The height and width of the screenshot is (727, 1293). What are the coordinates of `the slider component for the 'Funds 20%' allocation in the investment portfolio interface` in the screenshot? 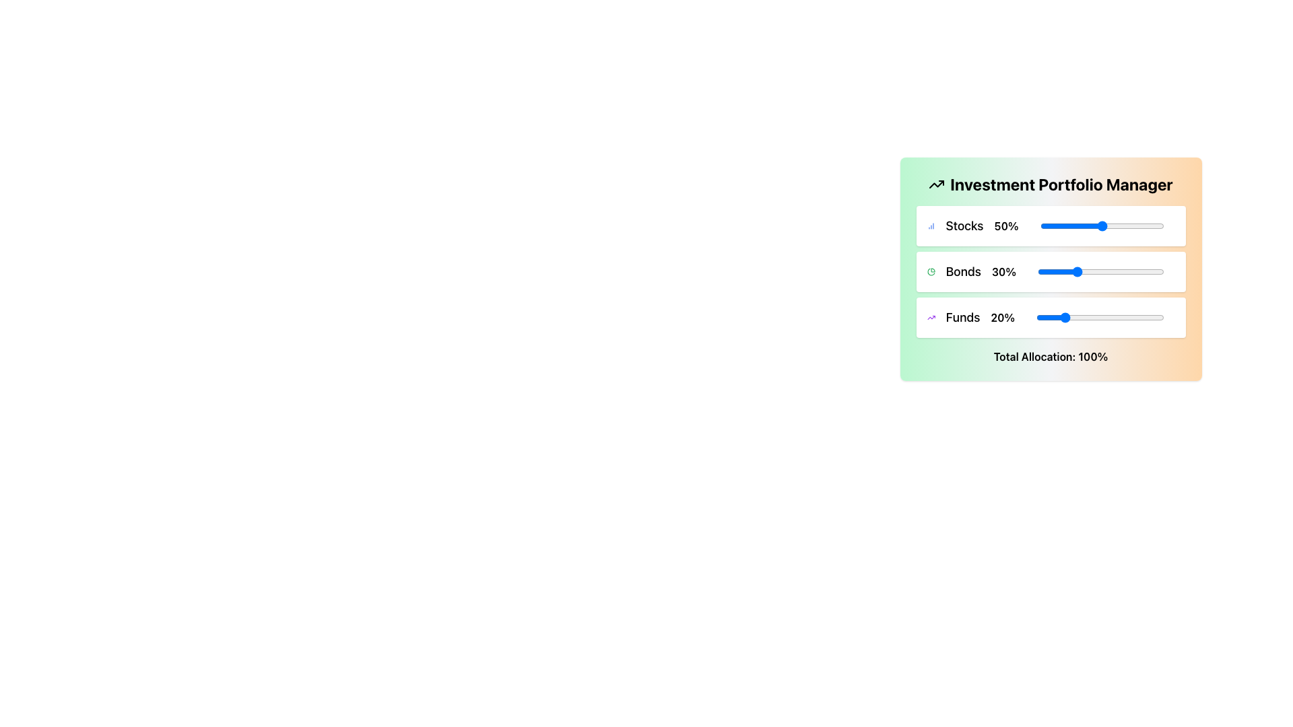 It's located at (1050, 317).